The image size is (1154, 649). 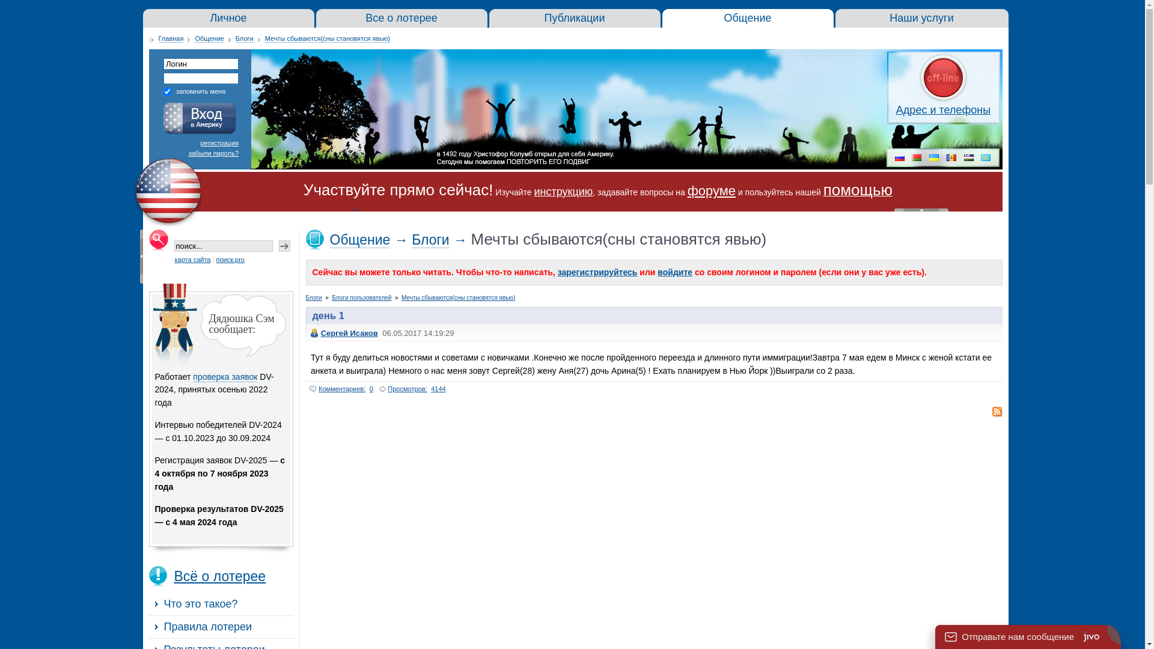 I want to click on 'ru', so click(x=900, y=158).